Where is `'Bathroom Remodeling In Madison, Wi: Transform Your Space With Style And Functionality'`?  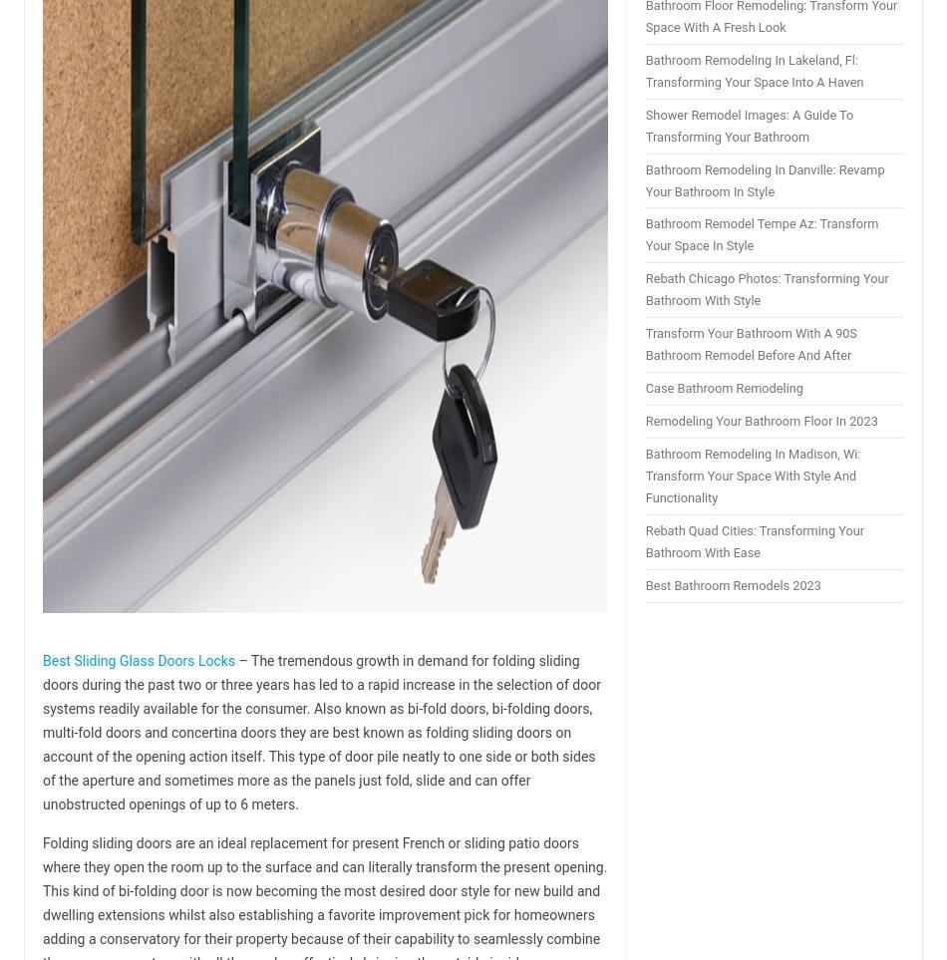
'Bathroom Remodeling In Madison, Wi: Transform Your Space With Style And Functionality' is located at coordinates (645, 474).